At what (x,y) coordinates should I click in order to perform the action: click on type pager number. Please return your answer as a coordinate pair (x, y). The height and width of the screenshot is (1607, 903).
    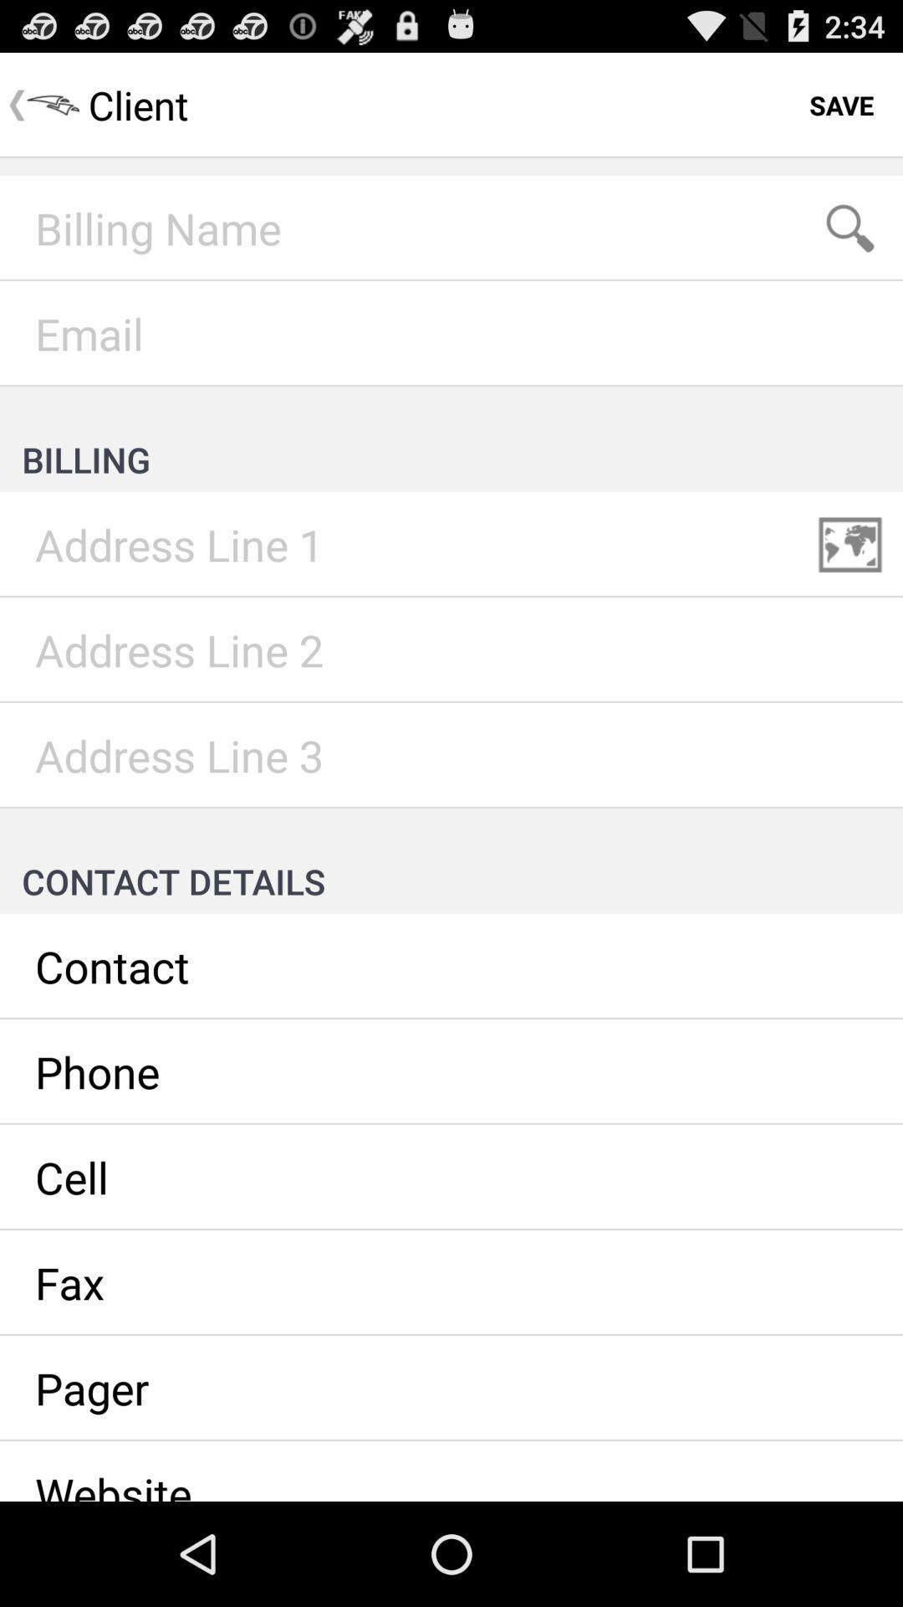
    Looking at the image, I should click on (451, 1389).